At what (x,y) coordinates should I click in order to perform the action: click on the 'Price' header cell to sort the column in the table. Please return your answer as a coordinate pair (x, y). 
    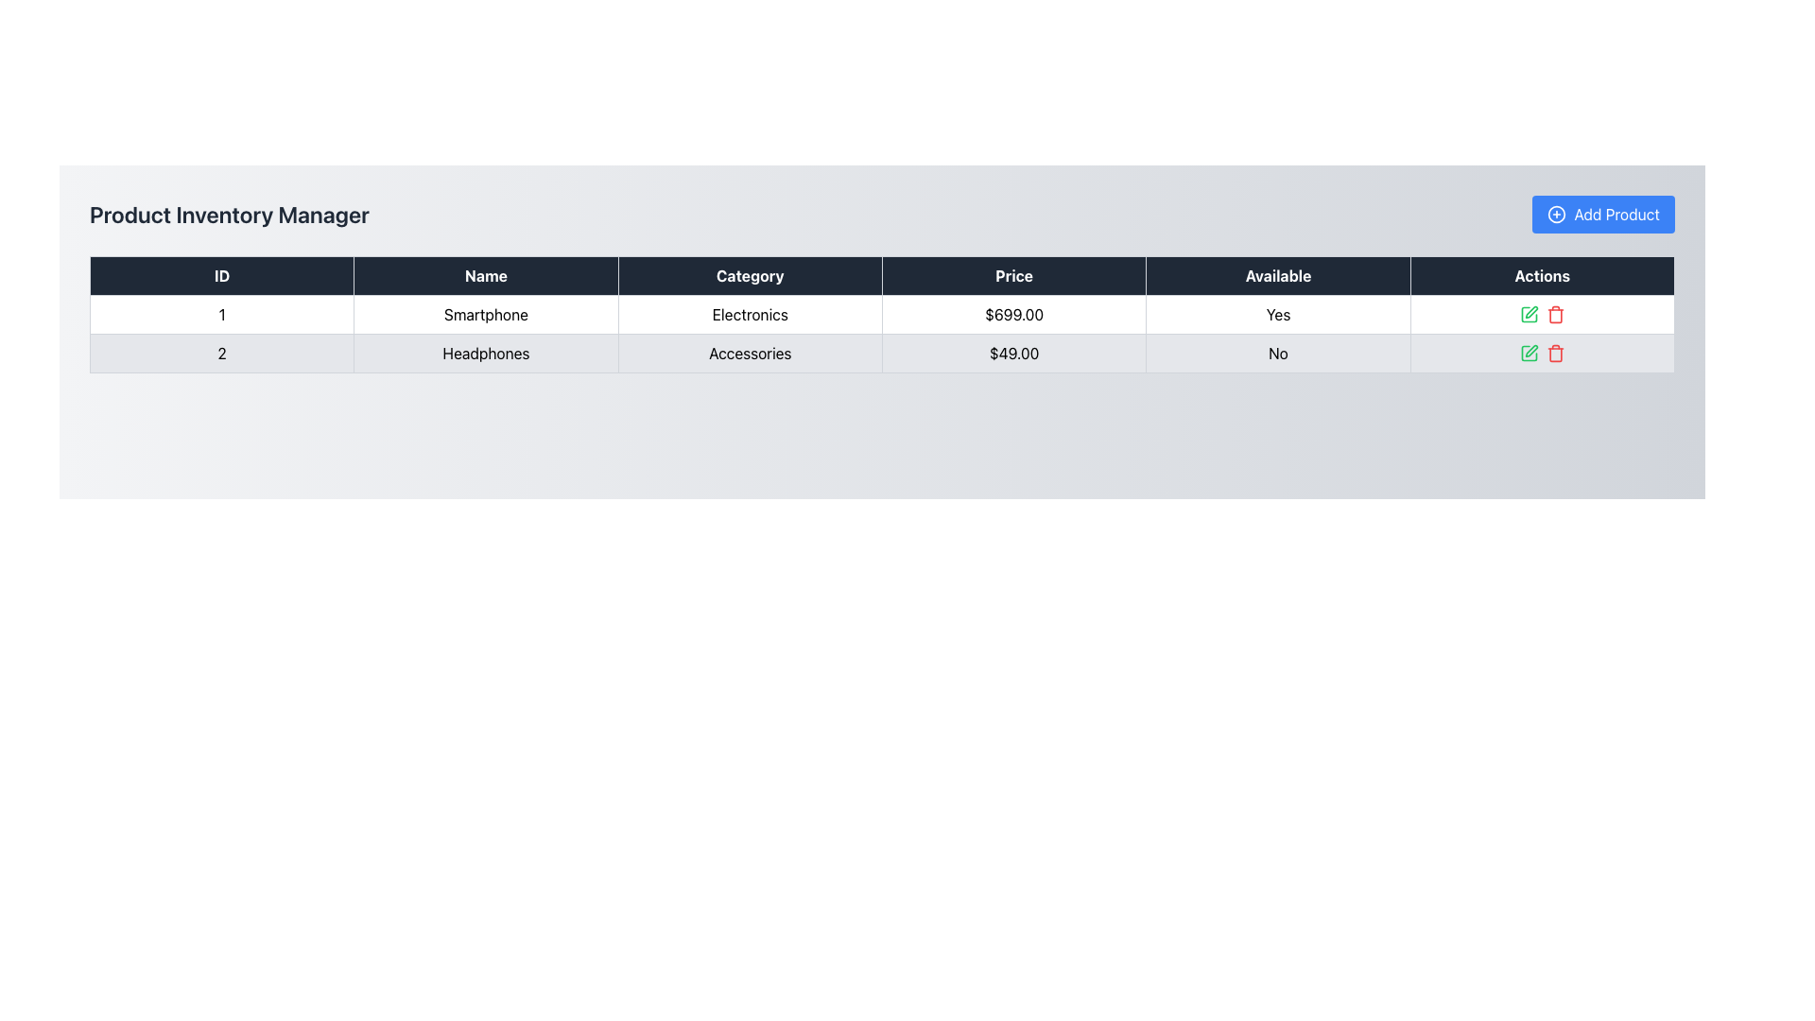
    Looking at the image, I should click on (1013, 276).